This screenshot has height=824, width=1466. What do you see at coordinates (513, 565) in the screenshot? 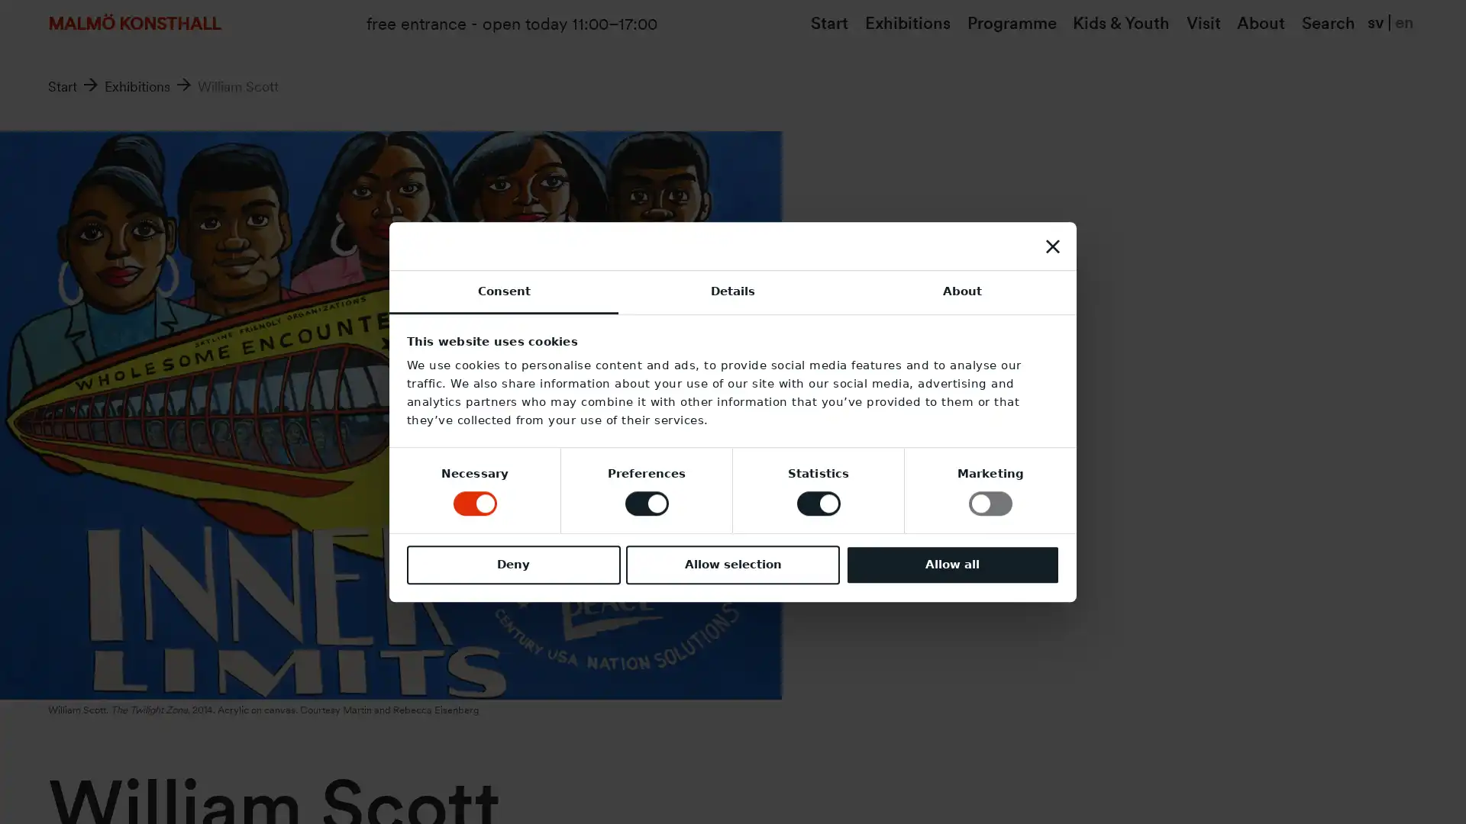
I see `Deny` at bounding box center [513, 565].